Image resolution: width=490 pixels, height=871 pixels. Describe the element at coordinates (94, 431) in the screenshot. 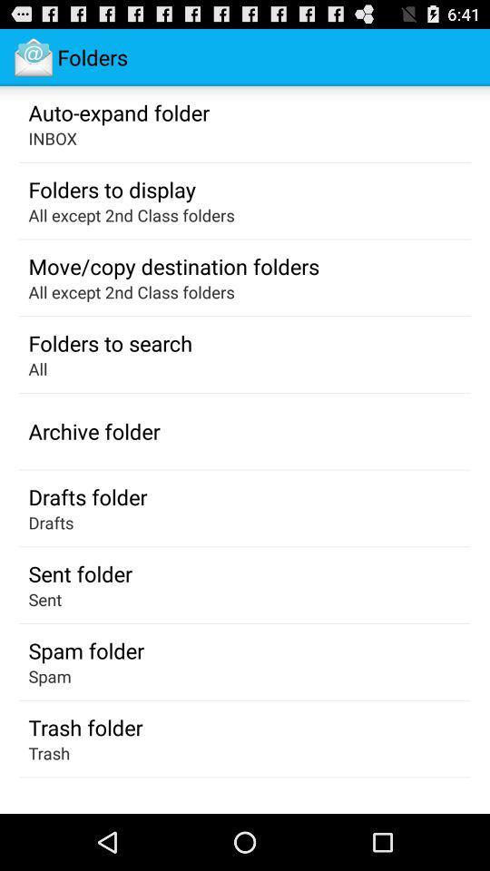

I see `app below the all app` at that location.